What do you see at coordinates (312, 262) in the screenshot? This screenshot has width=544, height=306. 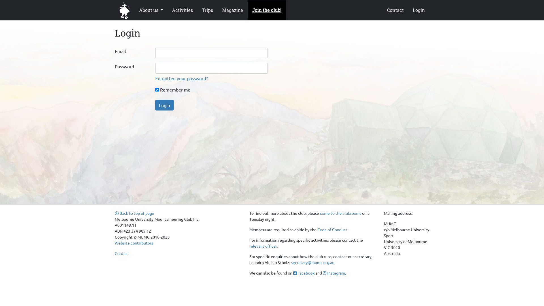 I see `'secretary@mumc.org.au'` at bounding box center [312, 262].